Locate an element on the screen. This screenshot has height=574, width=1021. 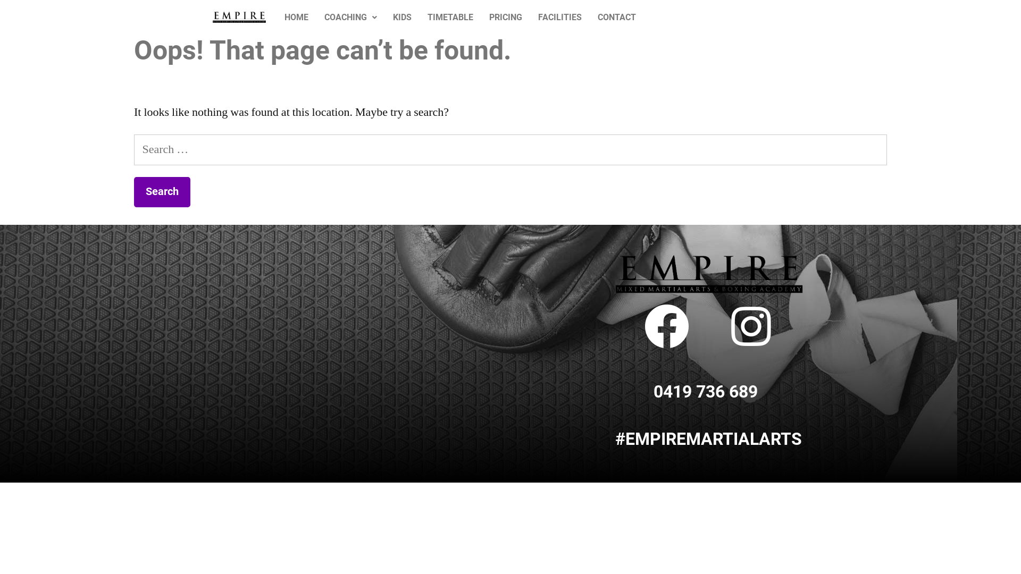
'4/3 Northward st, Upper Coomera' is located at coordinates (217, 314).